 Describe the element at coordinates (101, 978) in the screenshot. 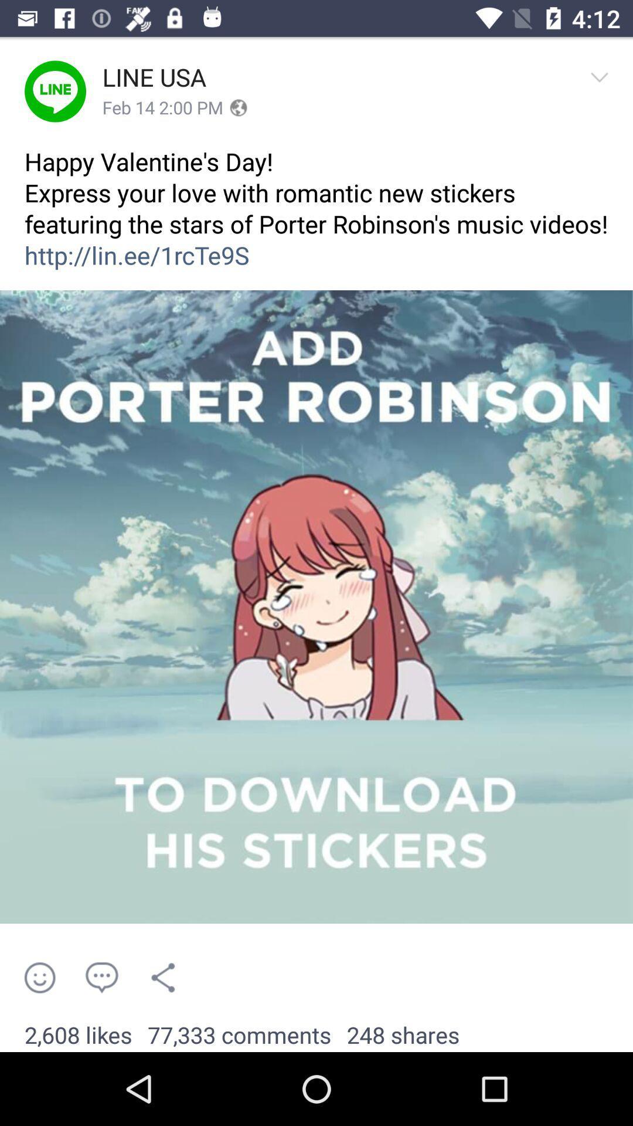

I see `the app above the 2,608 likes app` at that location.